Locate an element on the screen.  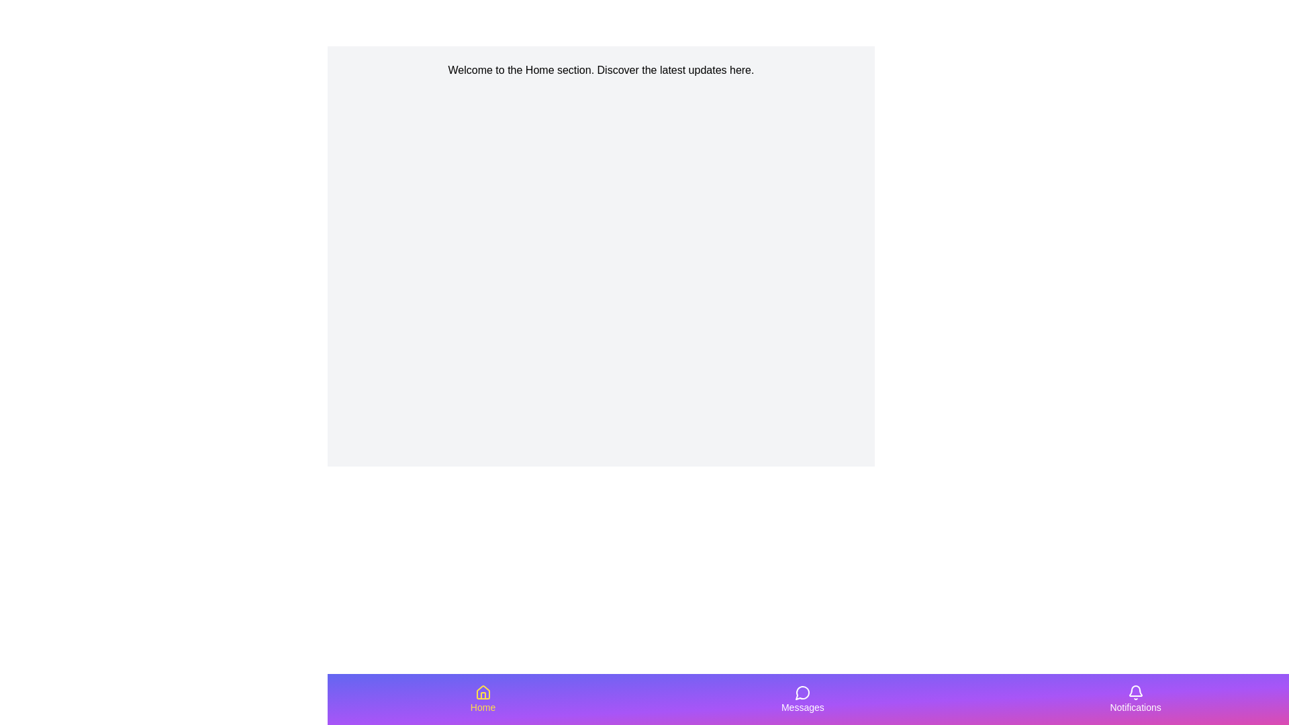
the 'Notifications' text label, which is the rightmost element in the bottom navigation bar is located at coordinates (1135, 706).